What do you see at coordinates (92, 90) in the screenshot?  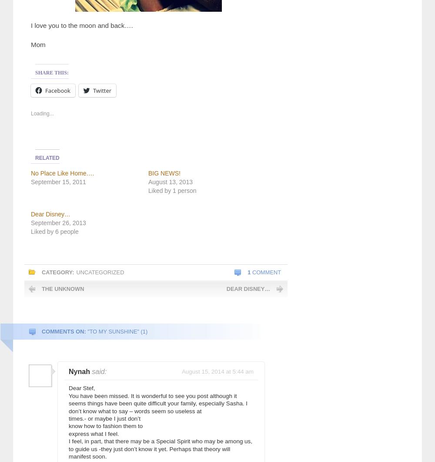 I see `'Twitter'` at bounding box center [92, 90].